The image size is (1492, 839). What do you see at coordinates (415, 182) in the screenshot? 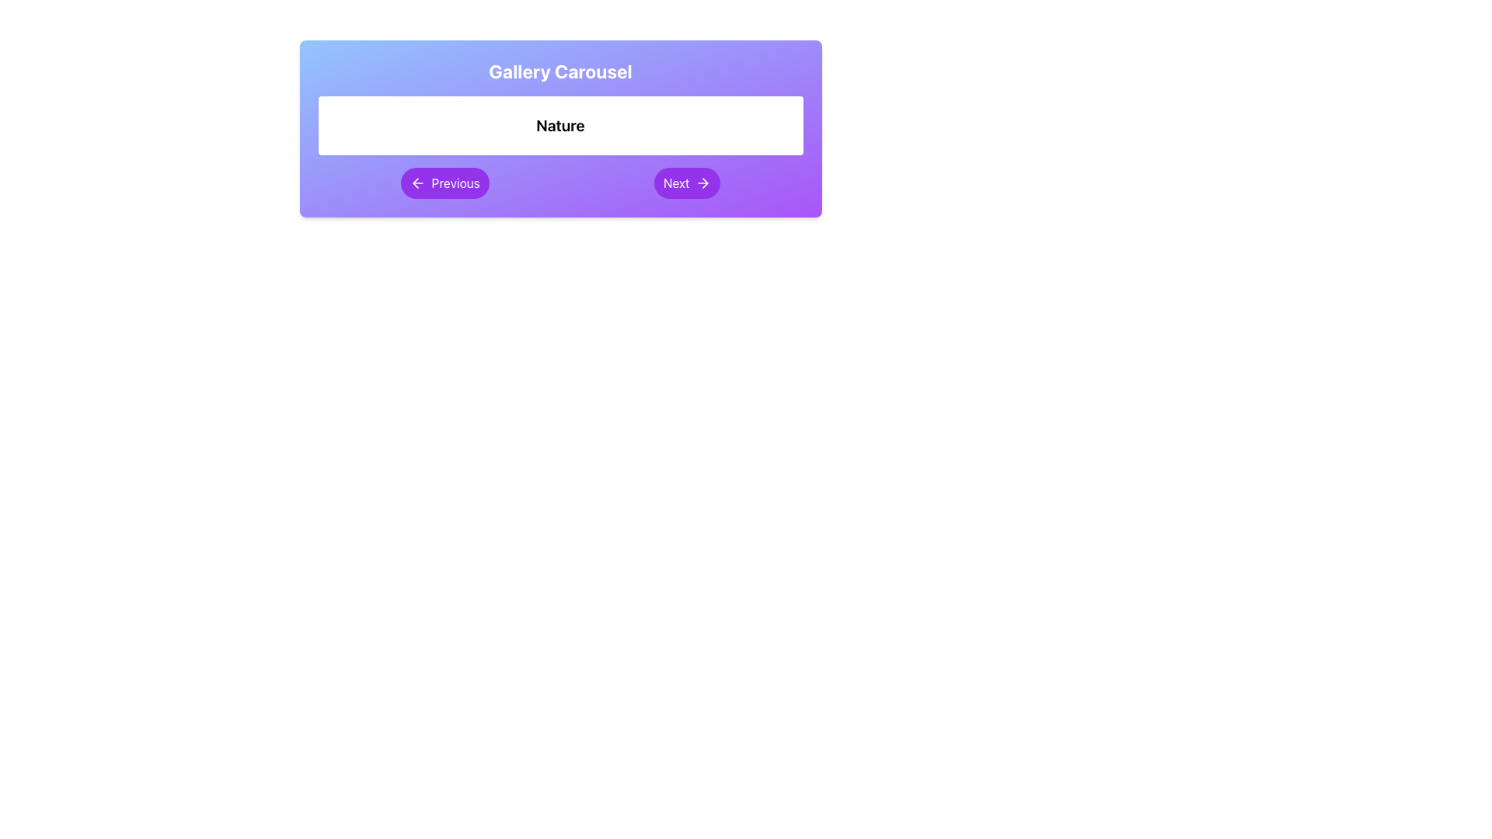
I see `the leftward pointing arrow icon inside the 'Previous' button` at bounding box center [415, 182].